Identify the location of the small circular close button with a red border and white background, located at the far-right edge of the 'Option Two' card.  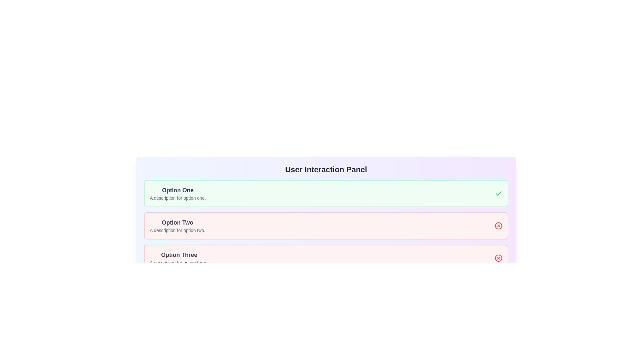
(498, 225).